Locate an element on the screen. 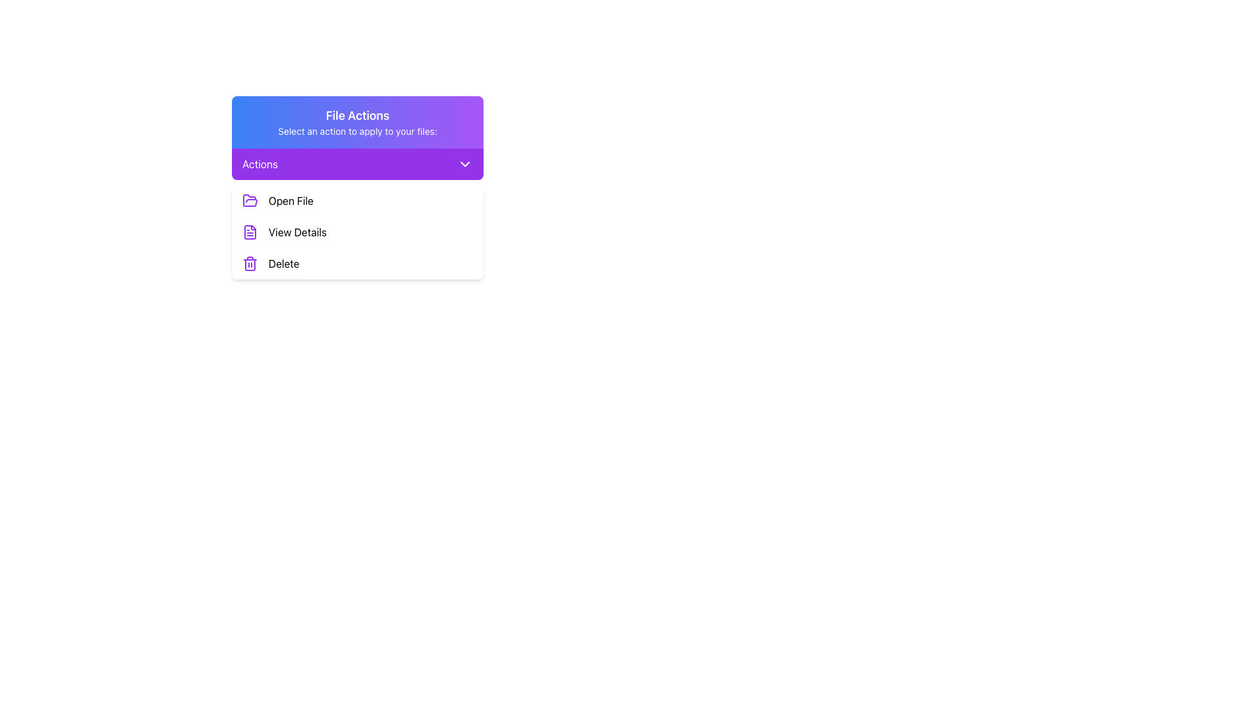  the text label 'Open File' is located at coordinates (290, 201).